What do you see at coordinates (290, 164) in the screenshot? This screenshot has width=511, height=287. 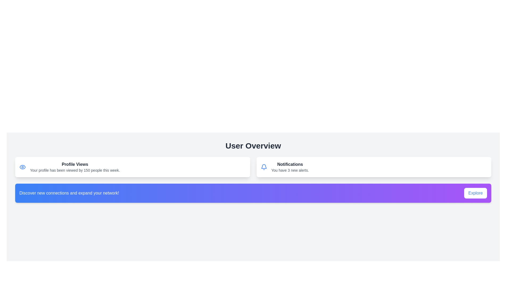 I see `text label that says 'Notifications', which is in bold dark gray font and located in the second card on the right beneath the 'User Overview' header` at bounding box center [290, 164].